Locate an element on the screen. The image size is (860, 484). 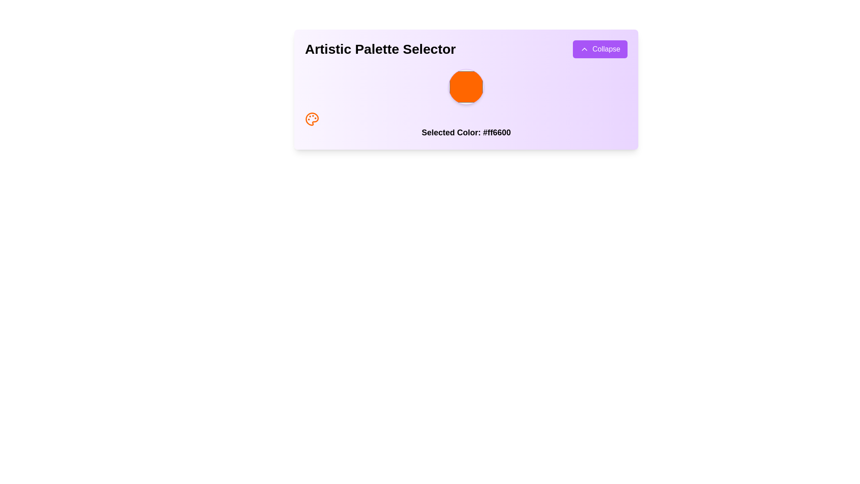
the Text Label that displays the currently selected color '#ff6600', located at the bottom of a card-like component, directly beneath an orange graphical icon is located at coordinates (466, 133).